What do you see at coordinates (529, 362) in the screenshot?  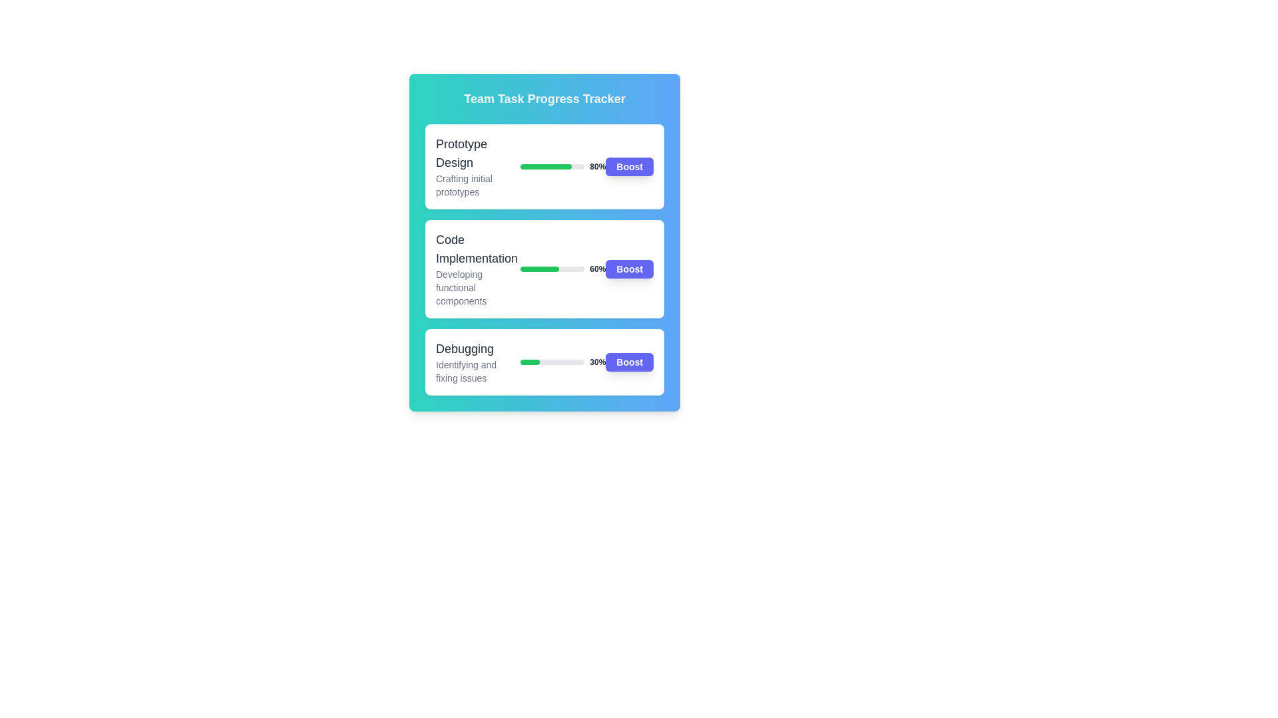 I see `the visually indicated progress on the green progress bar segment located in the 'Debugging' section of the interface` at bounding box center [529, 362].